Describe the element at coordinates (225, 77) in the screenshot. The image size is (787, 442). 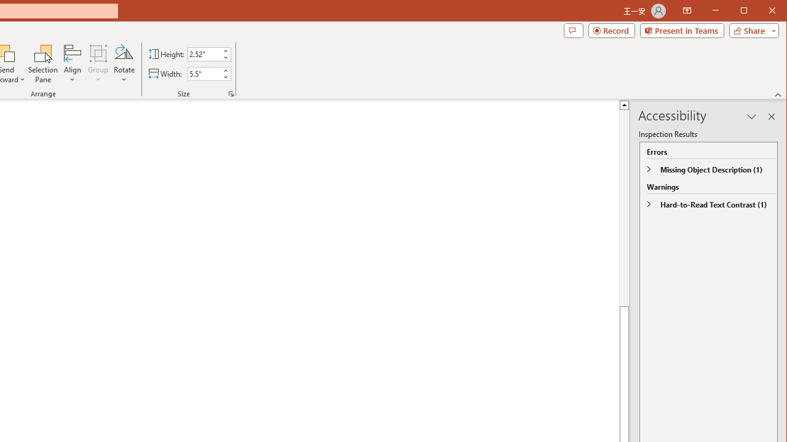
I see `'Less'` at that location.